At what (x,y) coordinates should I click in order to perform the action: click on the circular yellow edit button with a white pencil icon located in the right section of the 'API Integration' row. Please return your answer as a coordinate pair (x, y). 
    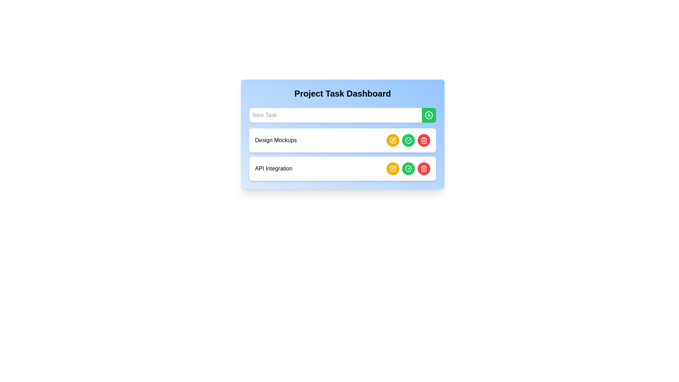
    Looking at the image, I should click on (392, 140).